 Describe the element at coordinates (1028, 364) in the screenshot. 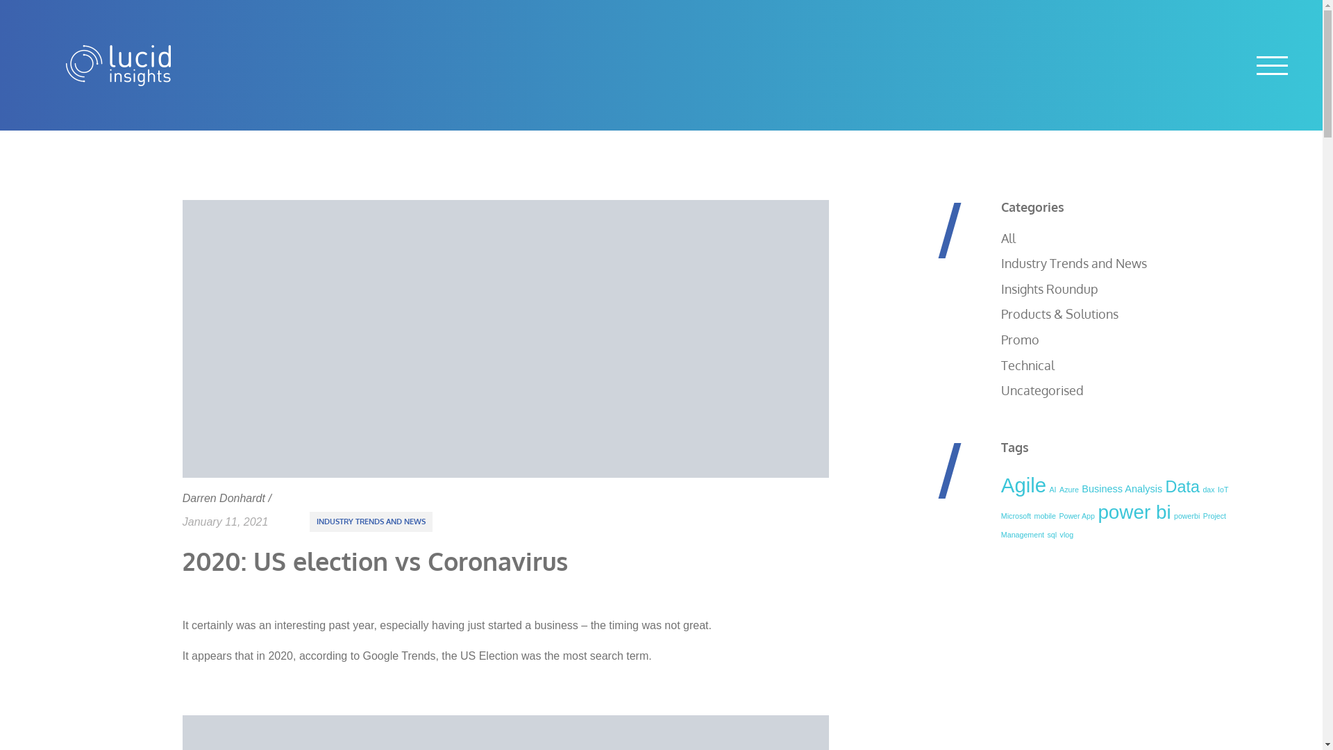

I see `'Technical'` at that location.